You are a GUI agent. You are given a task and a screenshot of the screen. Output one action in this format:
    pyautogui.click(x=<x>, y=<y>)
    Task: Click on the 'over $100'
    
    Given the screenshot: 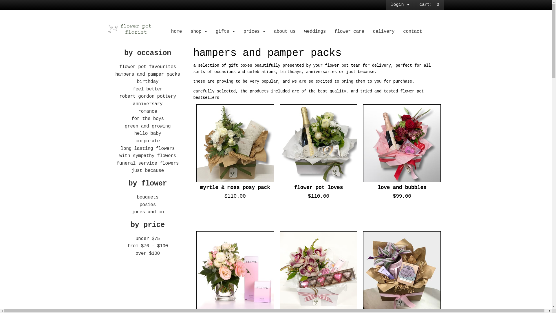 What is the action you would take?
    pyautogui.click(x=147, y=253)
    